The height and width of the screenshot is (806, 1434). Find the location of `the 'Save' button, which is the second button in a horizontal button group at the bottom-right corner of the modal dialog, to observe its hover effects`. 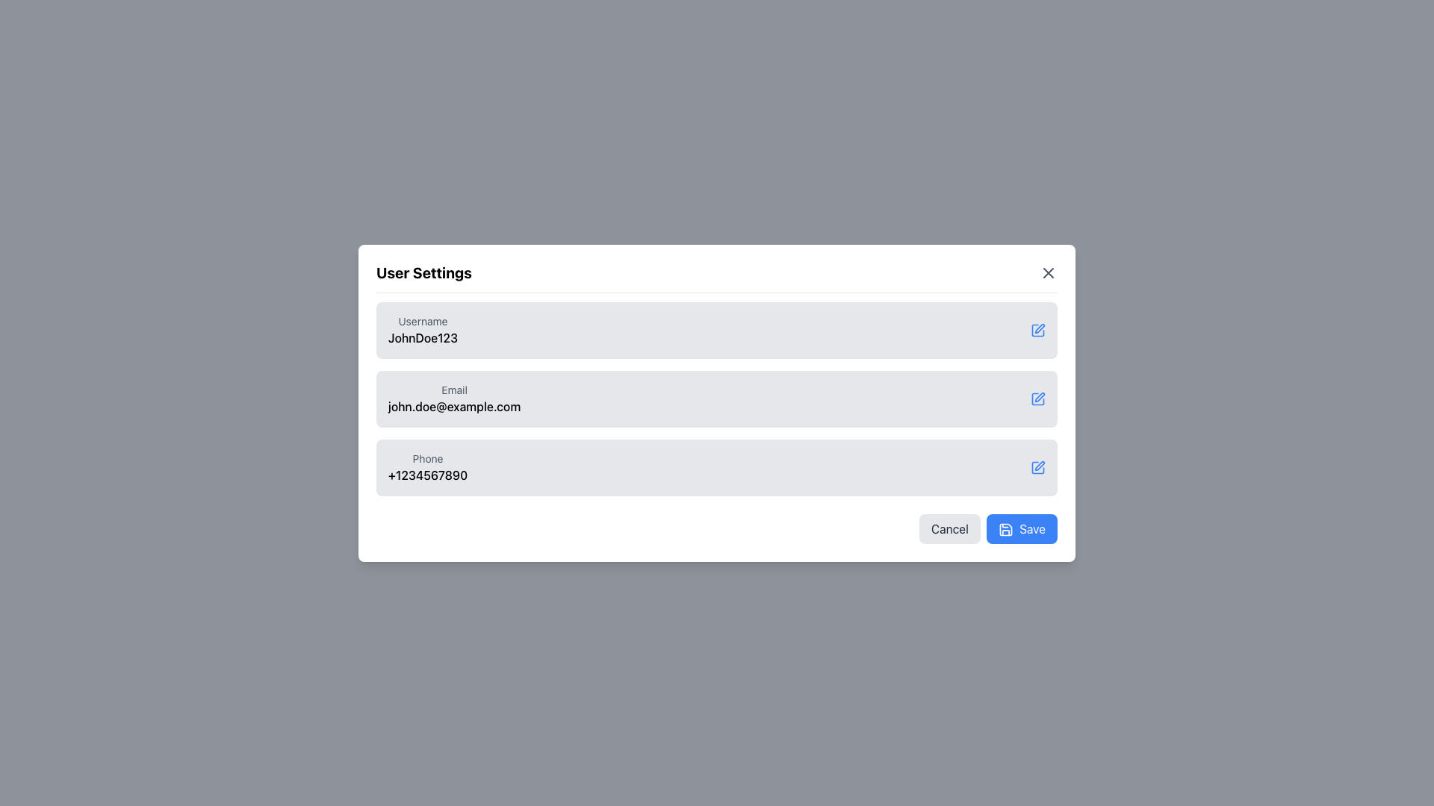

the 'Save' button, which is the second button in a horizontal button group at the bottom-right corner of the modal dialog, to observe its hover effects is located at coordinates (1021, 528).